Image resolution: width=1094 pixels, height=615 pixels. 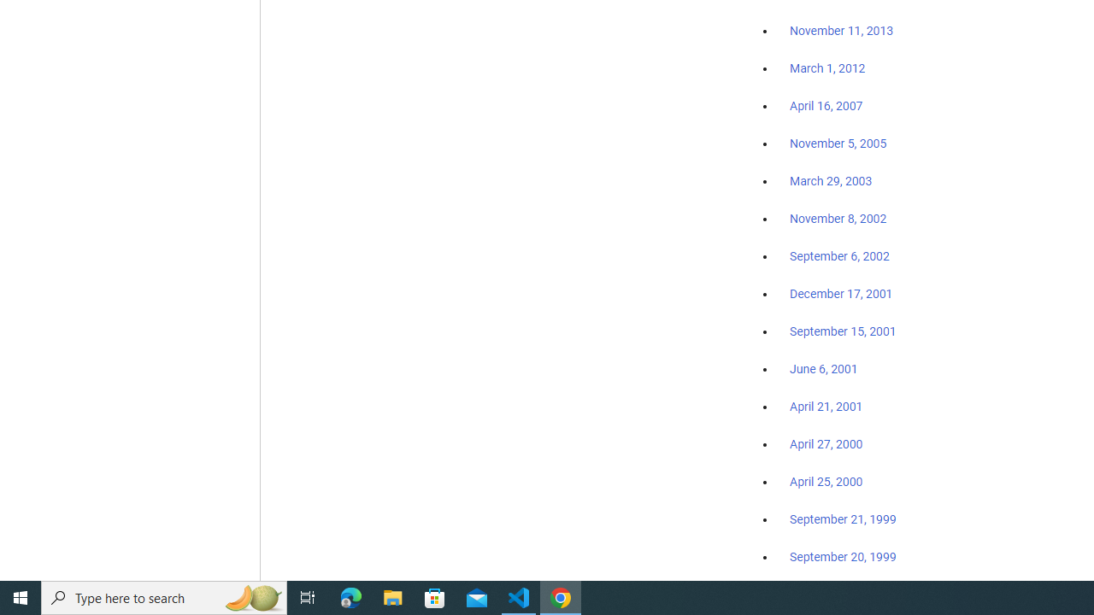 What do you see at coordinates (841, 292) in the screenshot?
I see `'December 17, 2001'` at bounding box center [841, 292].